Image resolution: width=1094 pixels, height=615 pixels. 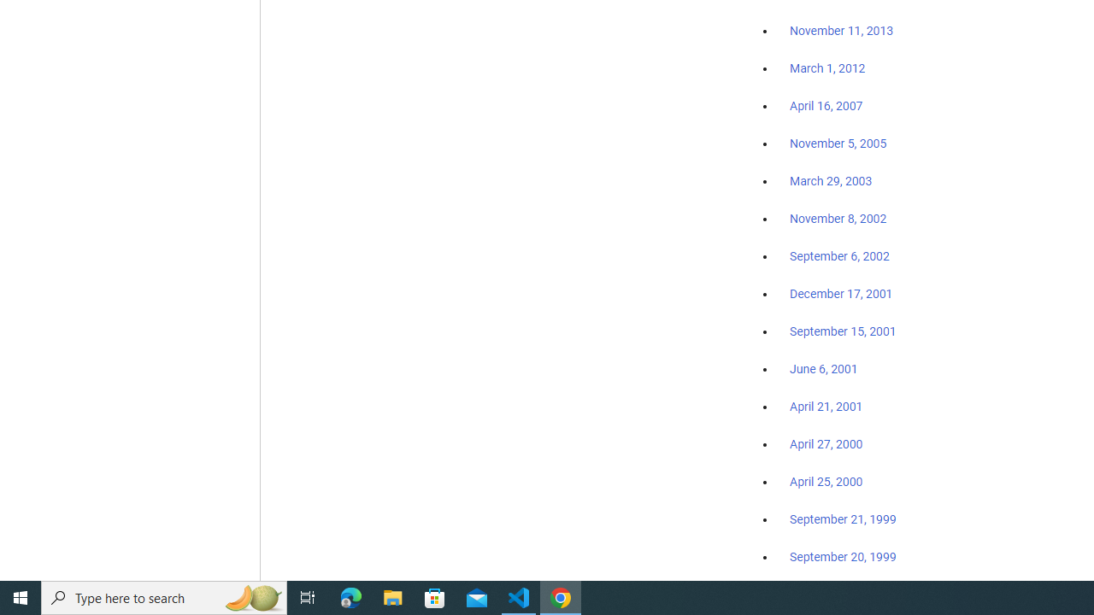 What do you see at coordinates (841, 292) in the screenshot?
I see `'December 17, 2001'` at bounding box center [841, 292].